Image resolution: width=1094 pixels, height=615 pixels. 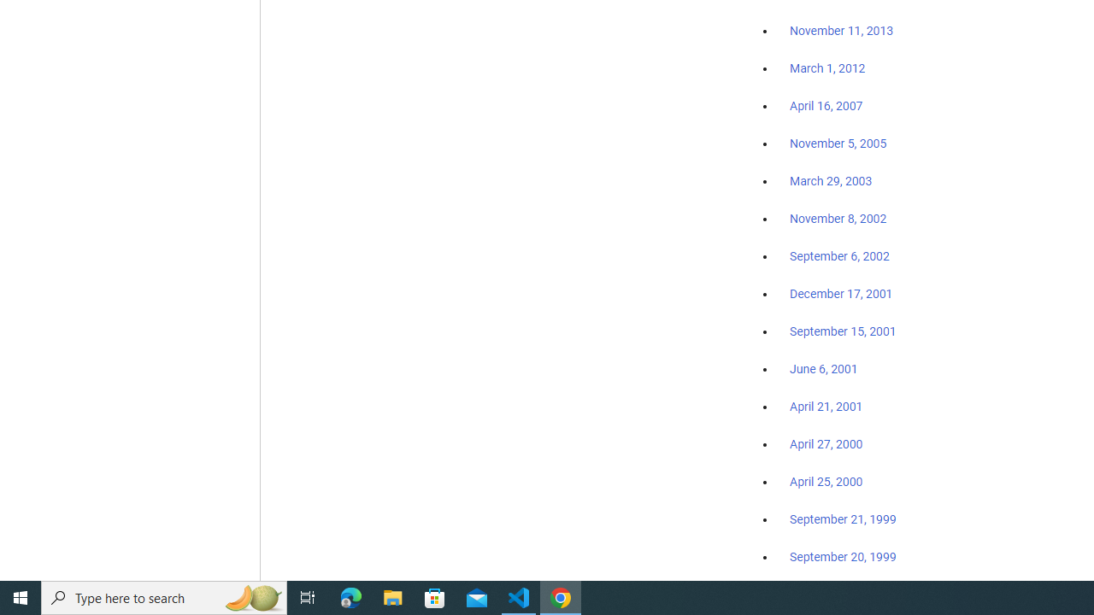 What do you see at coordinates (841, 292) in the screenshot?
I see `'December 17, 2001'` at bounding box center [841, 292].